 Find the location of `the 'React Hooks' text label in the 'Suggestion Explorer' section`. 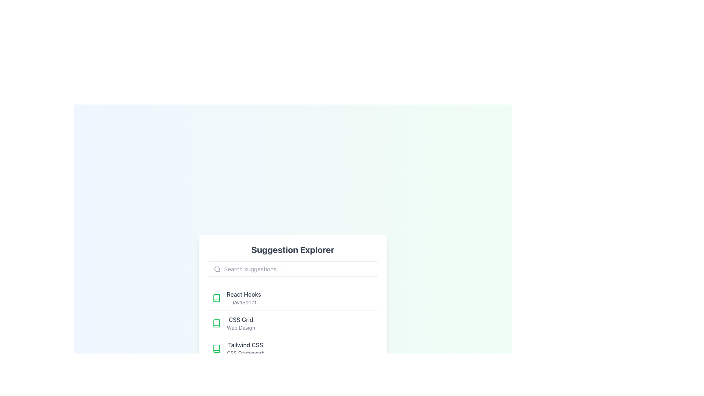

the 'React Hooks' text label in the 'Suggestion Explorer' section is located at coordinates (244, 298).